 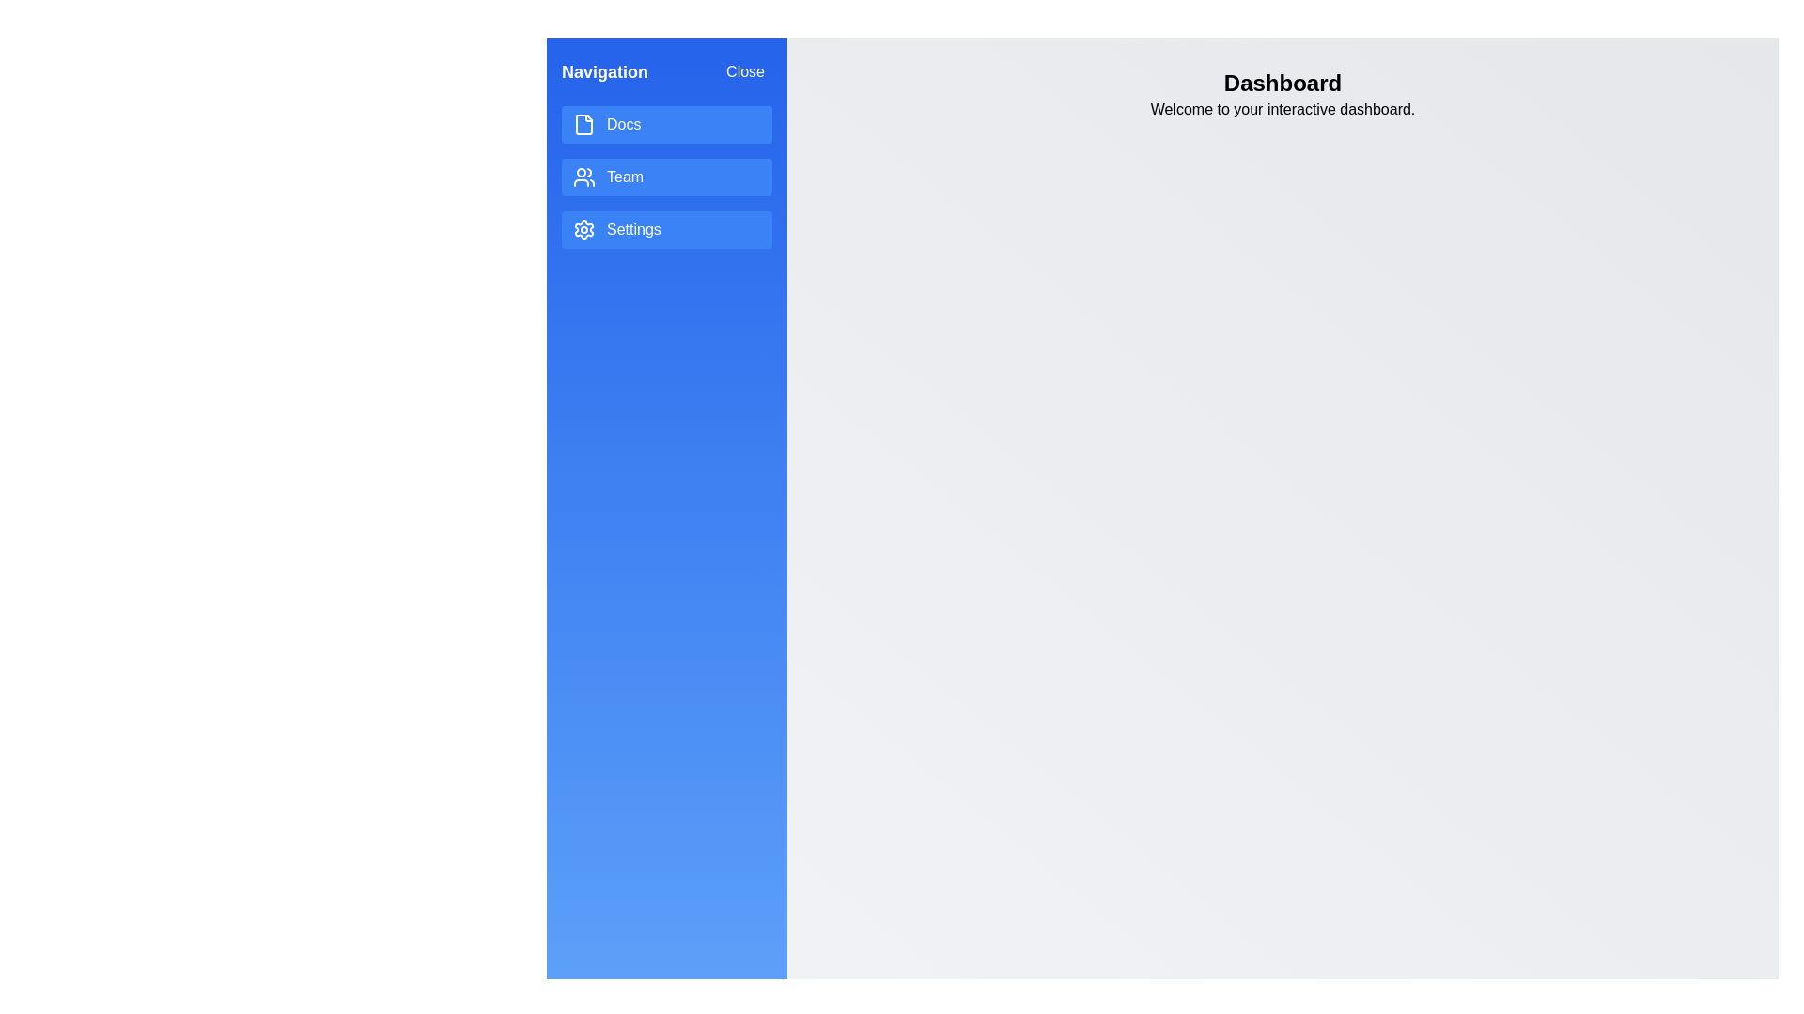 What do you see at coordinates (667, 124) in the screenshot?
I see `the menu item Docs to interact with it` at bounding box center [667, 124].